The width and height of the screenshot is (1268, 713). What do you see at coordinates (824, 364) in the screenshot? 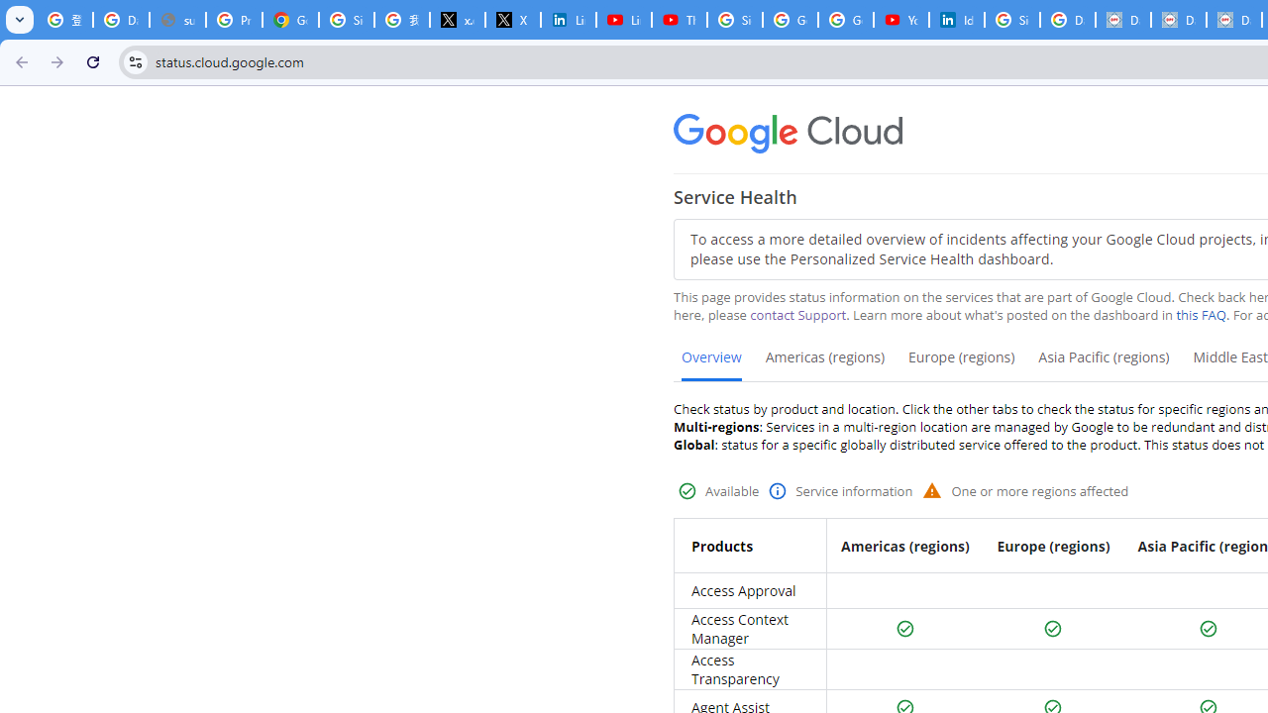
I see `'Americas (regions)'` at bounding box center [824, 364].